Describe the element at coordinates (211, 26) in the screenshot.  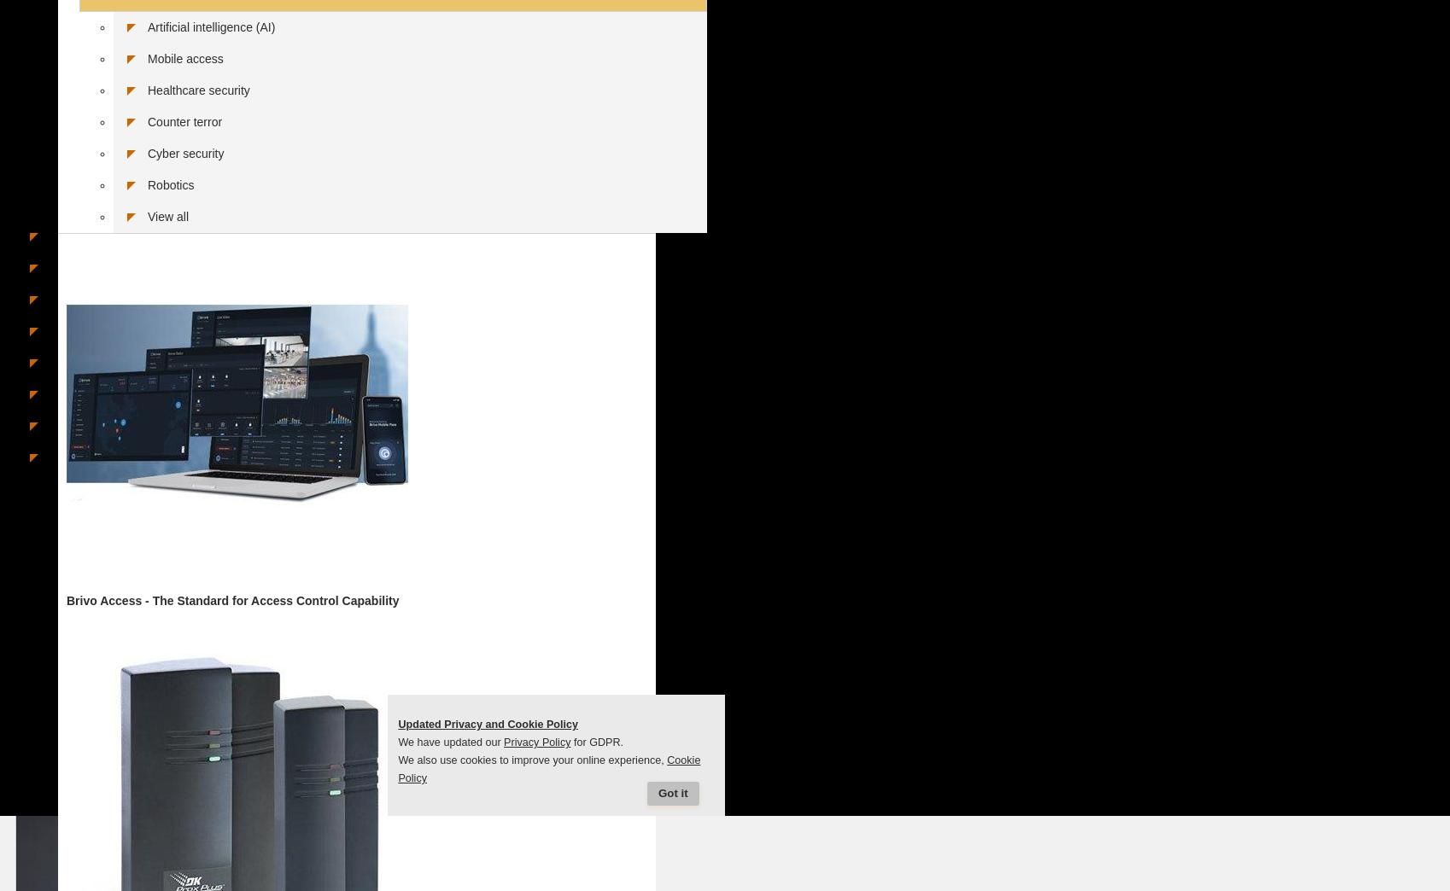
I see `'Artificial intelligence (AI)'` at that location.